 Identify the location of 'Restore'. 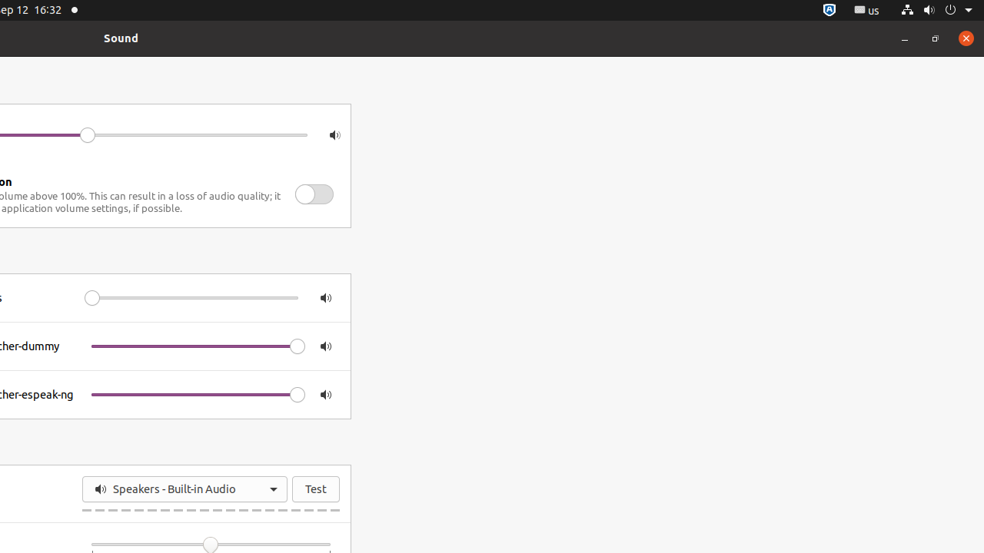
(935, 37).